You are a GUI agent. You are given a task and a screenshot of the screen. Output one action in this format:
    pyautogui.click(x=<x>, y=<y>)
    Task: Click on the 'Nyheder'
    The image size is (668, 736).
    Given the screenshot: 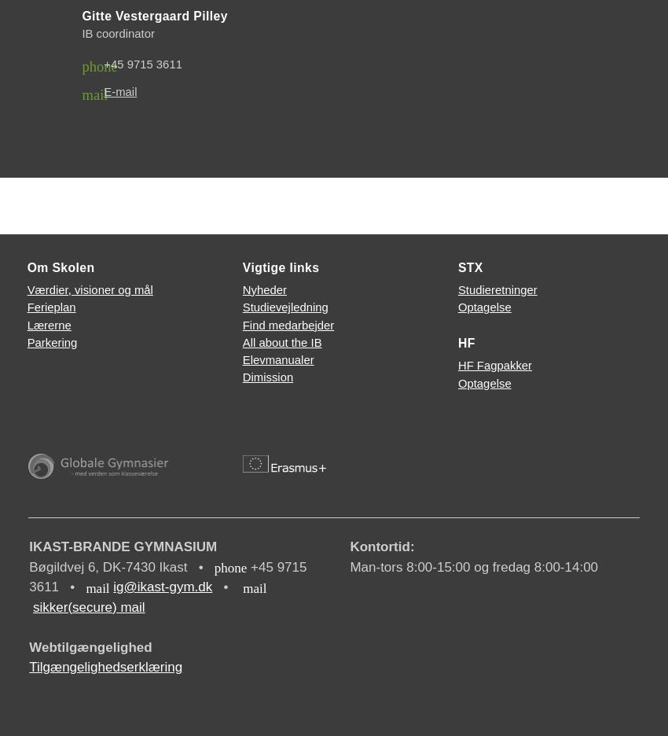 What is the action you would take?
    pyautogui.click(x=242, y=289)
    